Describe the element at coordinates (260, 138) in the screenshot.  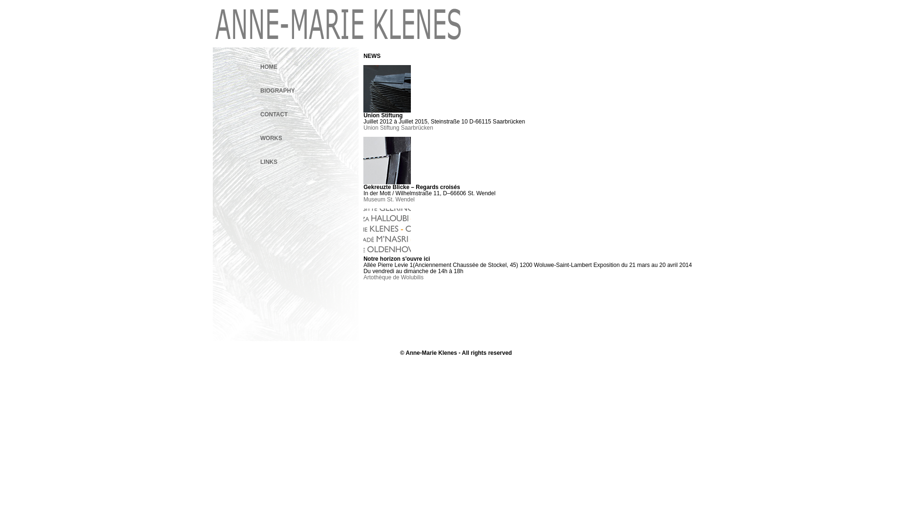
I see `'WORKS'` at that location.